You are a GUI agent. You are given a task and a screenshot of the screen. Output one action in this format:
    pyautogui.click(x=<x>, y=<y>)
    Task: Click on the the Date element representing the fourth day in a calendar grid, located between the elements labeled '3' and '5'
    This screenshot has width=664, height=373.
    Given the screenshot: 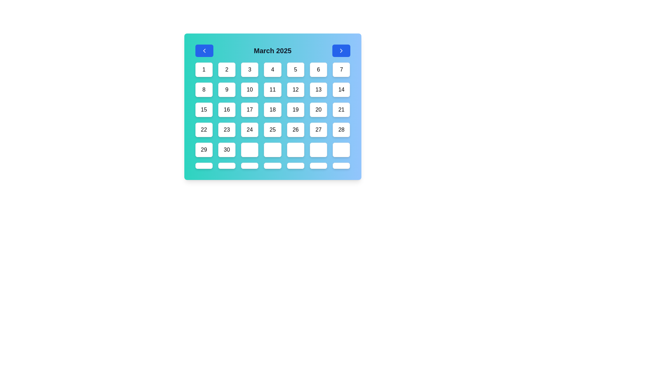 What is the action you would take?
    pyautogui.click(x=272, y=69)
    